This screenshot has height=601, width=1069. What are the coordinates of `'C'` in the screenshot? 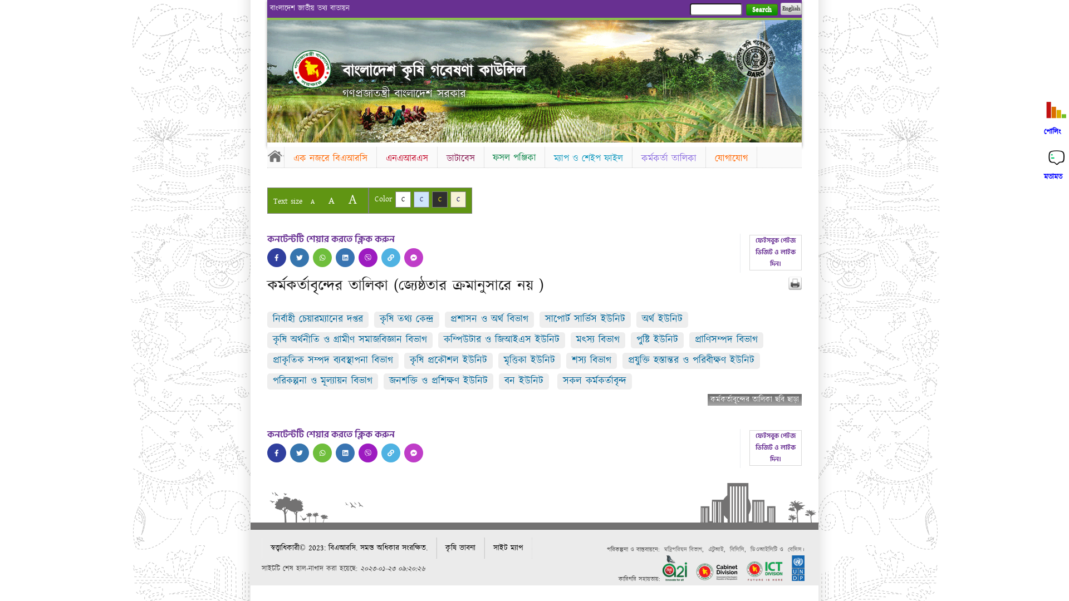 It's located at (403, 199).